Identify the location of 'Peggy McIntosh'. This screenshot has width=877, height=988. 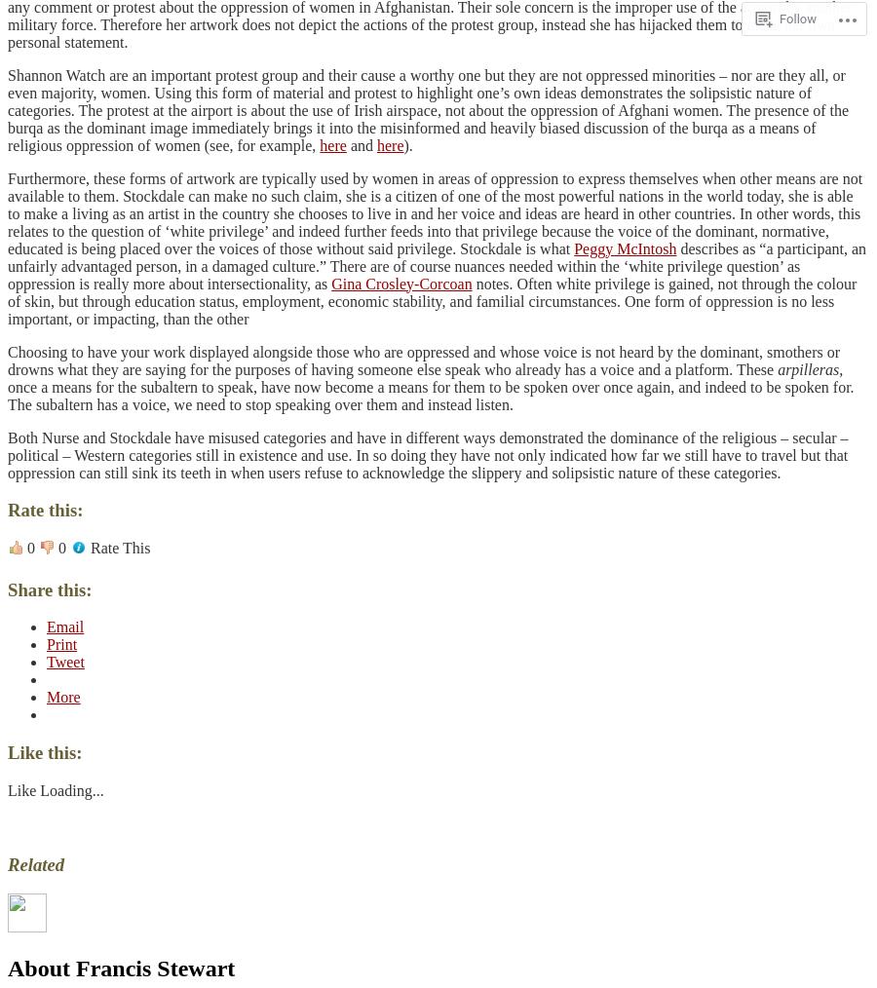
(625, 247).